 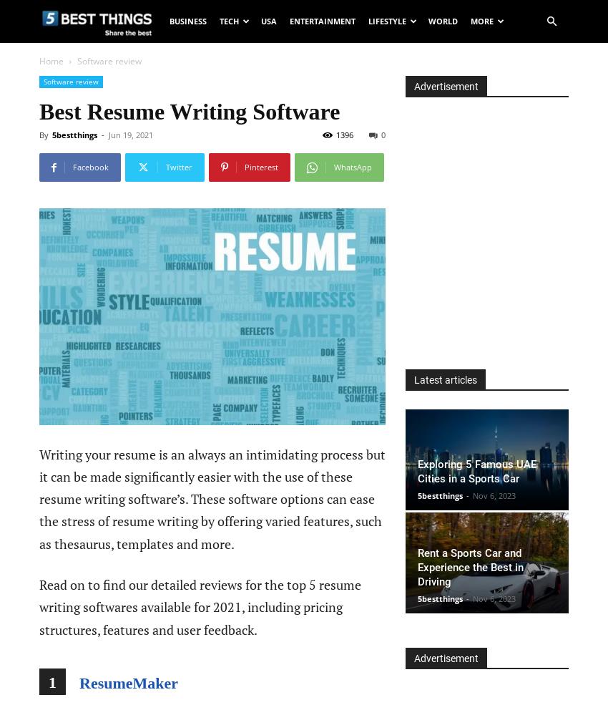 I want to click on 'Pinterest', so click(x=260, y=166).